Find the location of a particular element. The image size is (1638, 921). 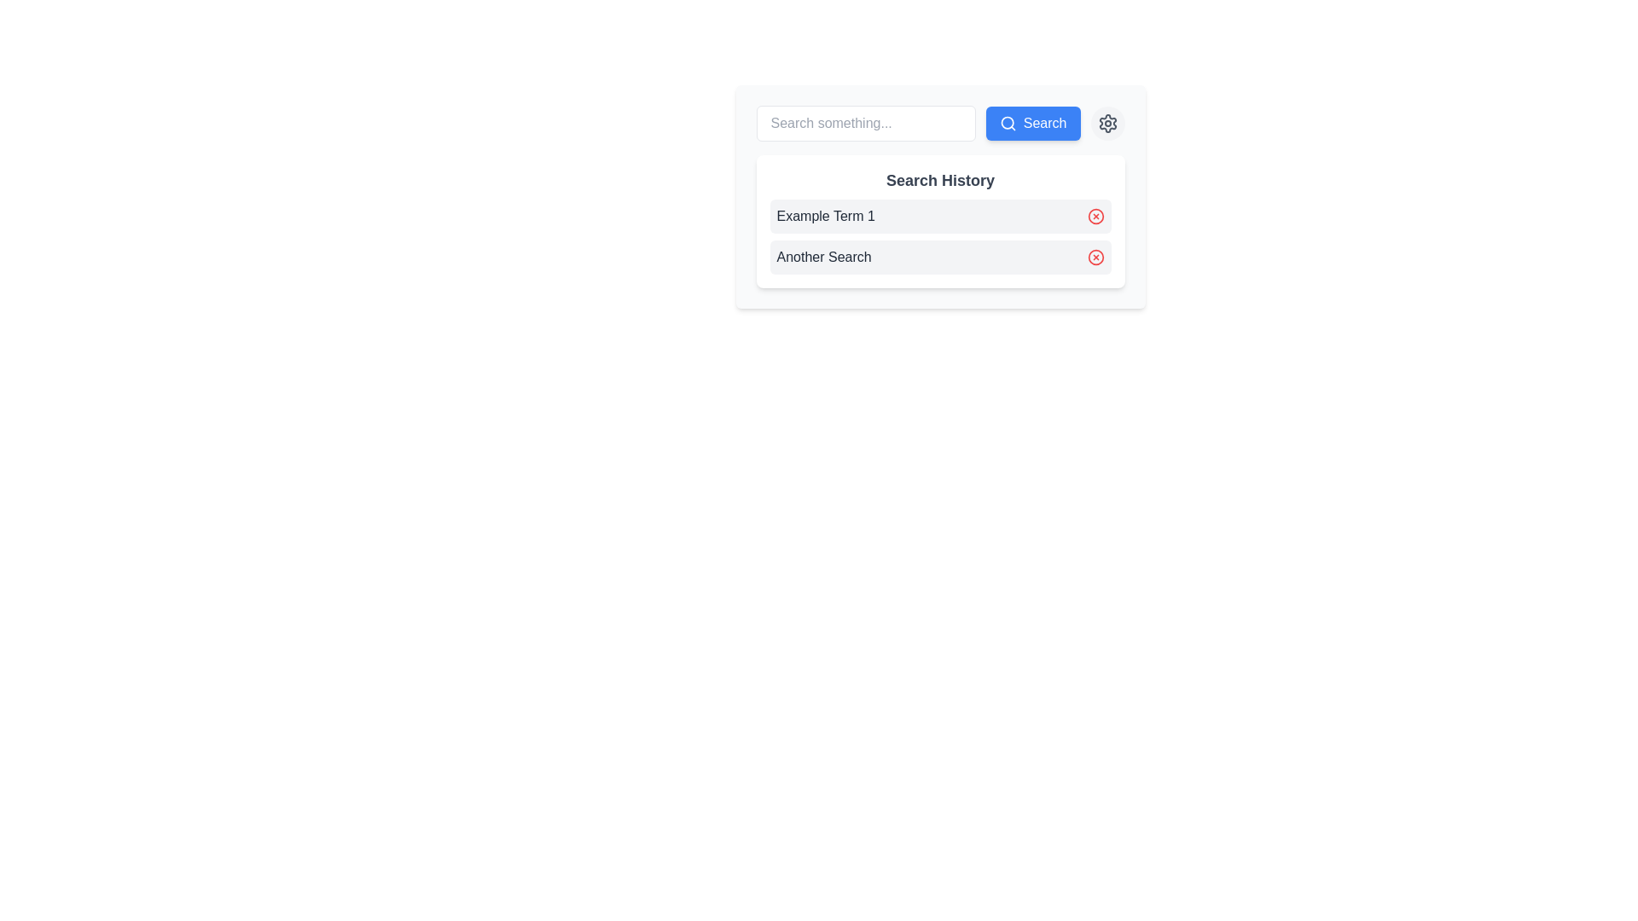

the magnifying glass icon used as a search indicator, located within the 'Search' button on the right side of the input field is located at coordinates (1008, 123).